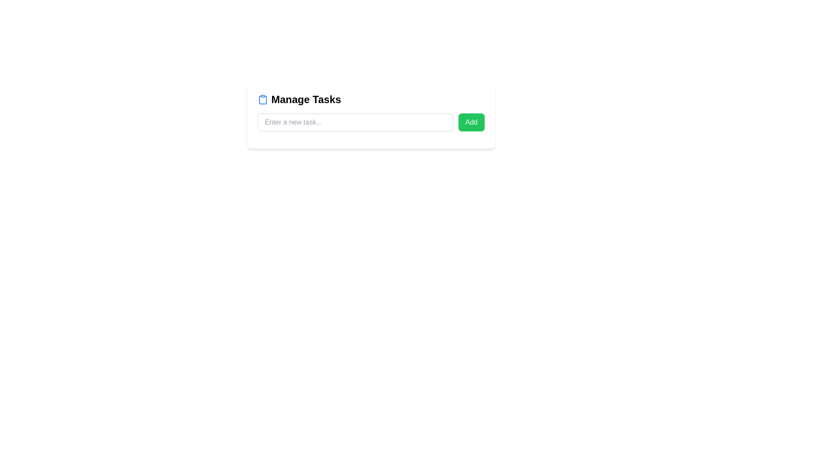 This screenshot has width=825, height=464. Describe the element at coordinates (355, 122) in the screenshot. I see `text into the text input field styled with rounded corners and a light gray border, located under the 'Manage Tasks' heading, directly preceding the green 'Add' button` at that location.